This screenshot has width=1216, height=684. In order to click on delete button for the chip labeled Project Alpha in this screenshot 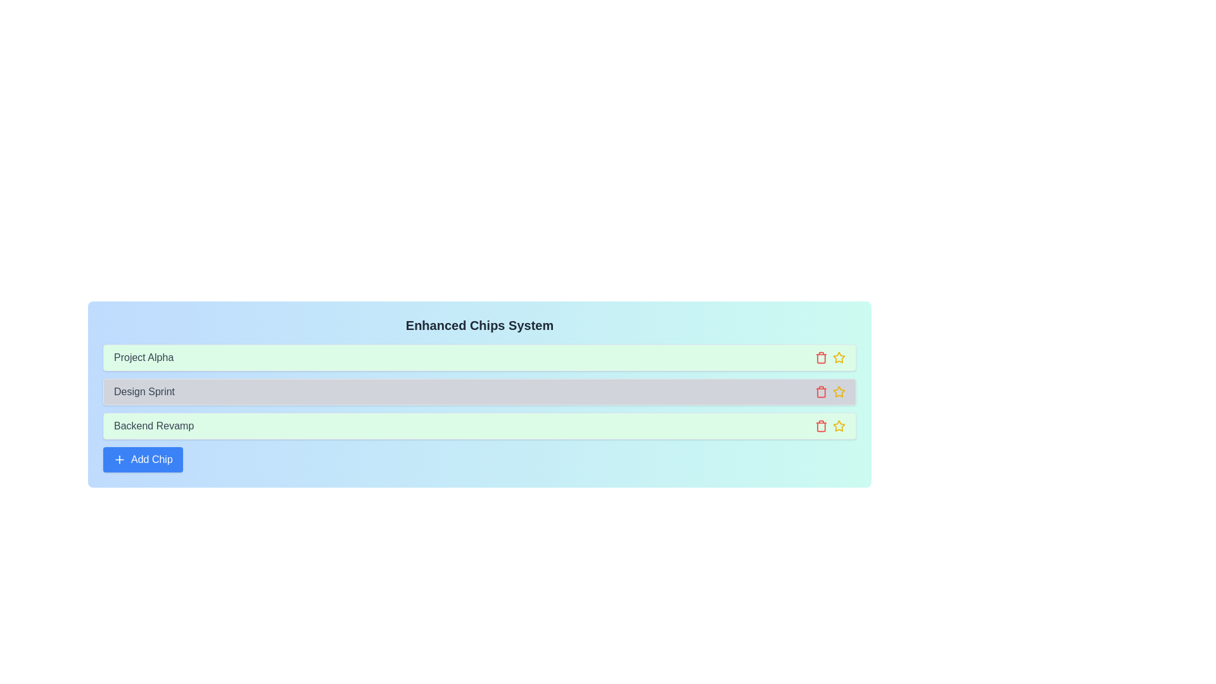, I will do `click(821, 357)`.